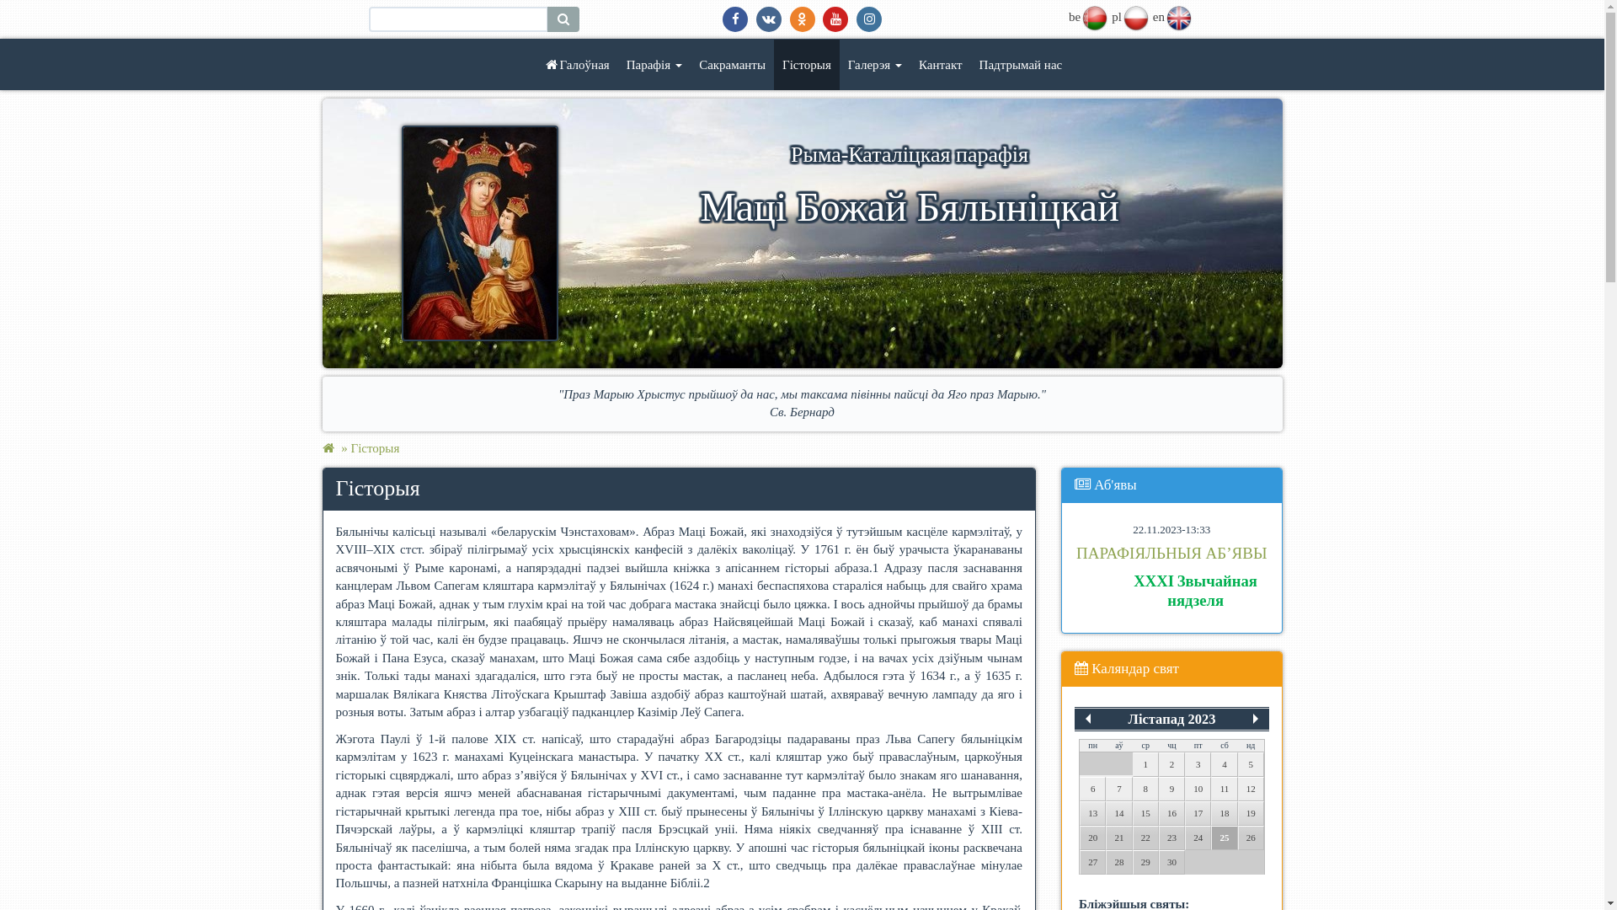 The height and width of the screenshot is (910, 1617). Describe the element at coordinates (1118, 812) in the screenshot. I see `'14'` at that location.